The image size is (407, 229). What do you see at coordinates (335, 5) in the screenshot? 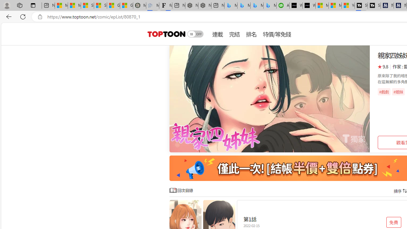
I see `'Microsoft Start'` at bounding box center [335, 5].